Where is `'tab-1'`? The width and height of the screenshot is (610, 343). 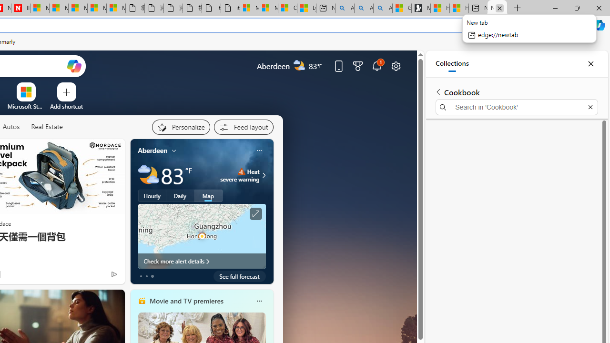 'tab-1' is located at coordinates (146, 276).